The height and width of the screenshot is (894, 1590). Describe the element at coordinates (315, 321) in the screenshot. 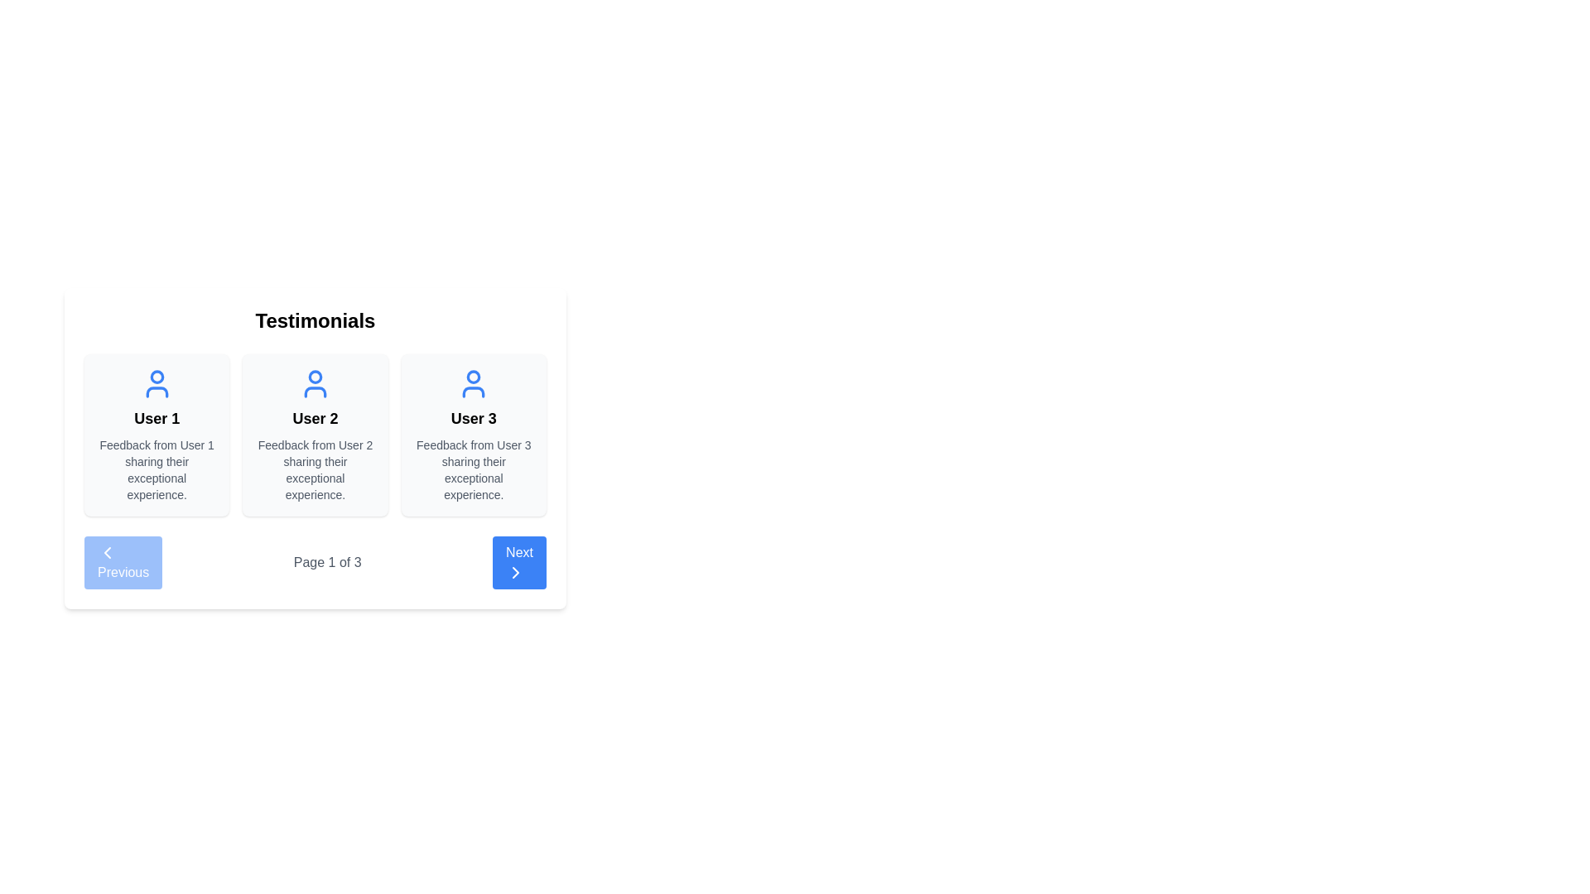

I see `the Header text that categorizes the subsequent content as testimonials, positioned at the top-center of the visible area above user feedback columns` at that location.